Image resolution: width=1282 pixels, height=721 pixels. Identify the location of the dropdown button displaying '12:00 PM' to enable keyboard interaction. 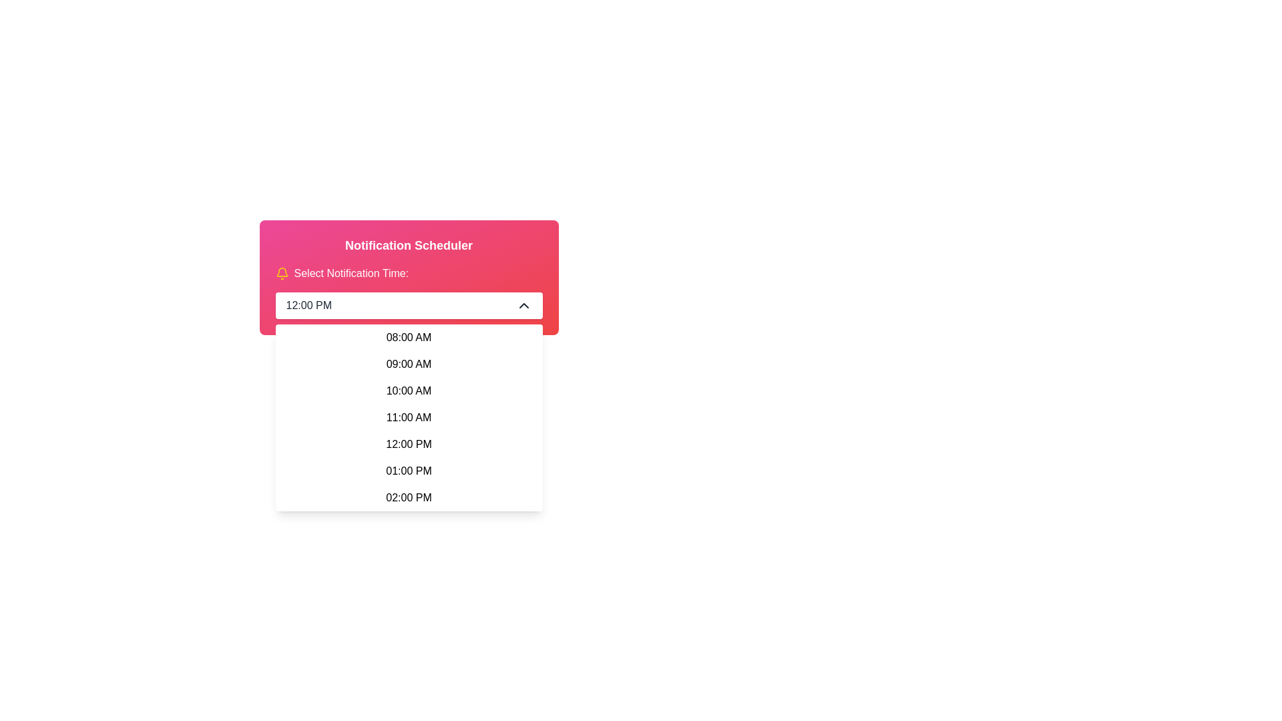
(408, 306).